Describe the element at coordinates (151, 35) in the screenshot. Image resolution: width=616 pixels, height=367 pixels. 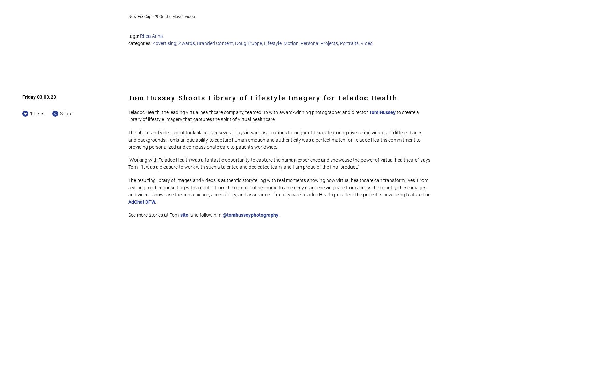
I see `'Rhea Anna'` at that location.